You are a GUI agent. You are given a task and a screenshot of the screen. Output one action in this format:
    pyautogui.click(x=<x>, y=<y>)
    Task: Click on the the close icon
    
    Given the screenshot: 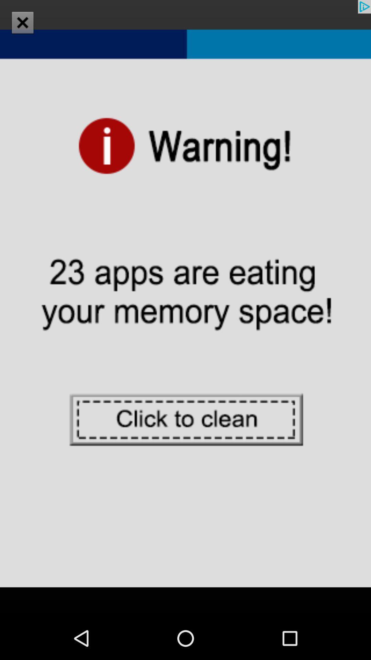 What is the action you would take?
    pyautogui.click(x=22, y=24)
    